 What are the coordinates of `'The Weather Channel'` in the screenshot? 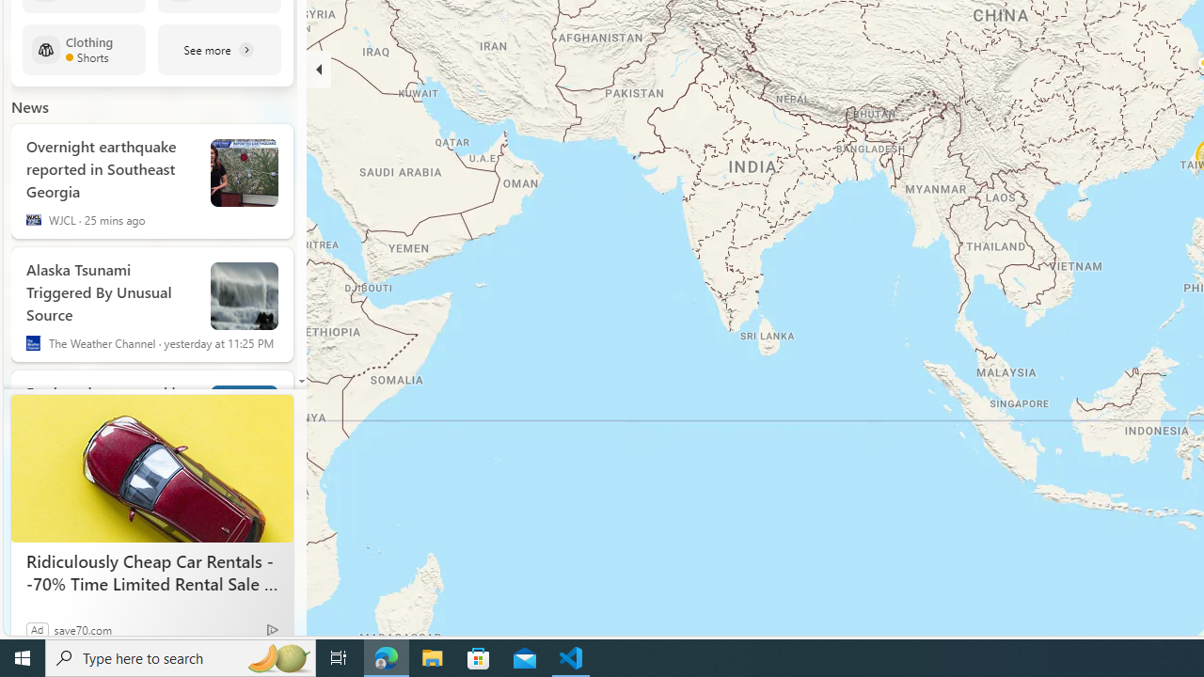 It's located at (33, 343).